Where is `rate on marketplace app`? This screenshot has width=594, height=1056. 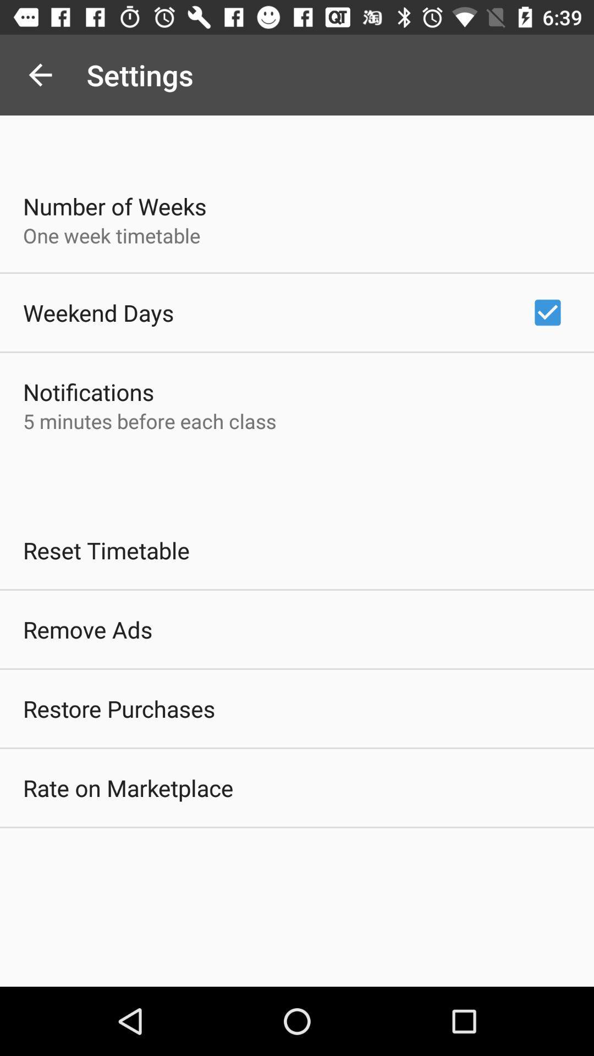
rate on marketplace app is located at coordinates (128, 787).